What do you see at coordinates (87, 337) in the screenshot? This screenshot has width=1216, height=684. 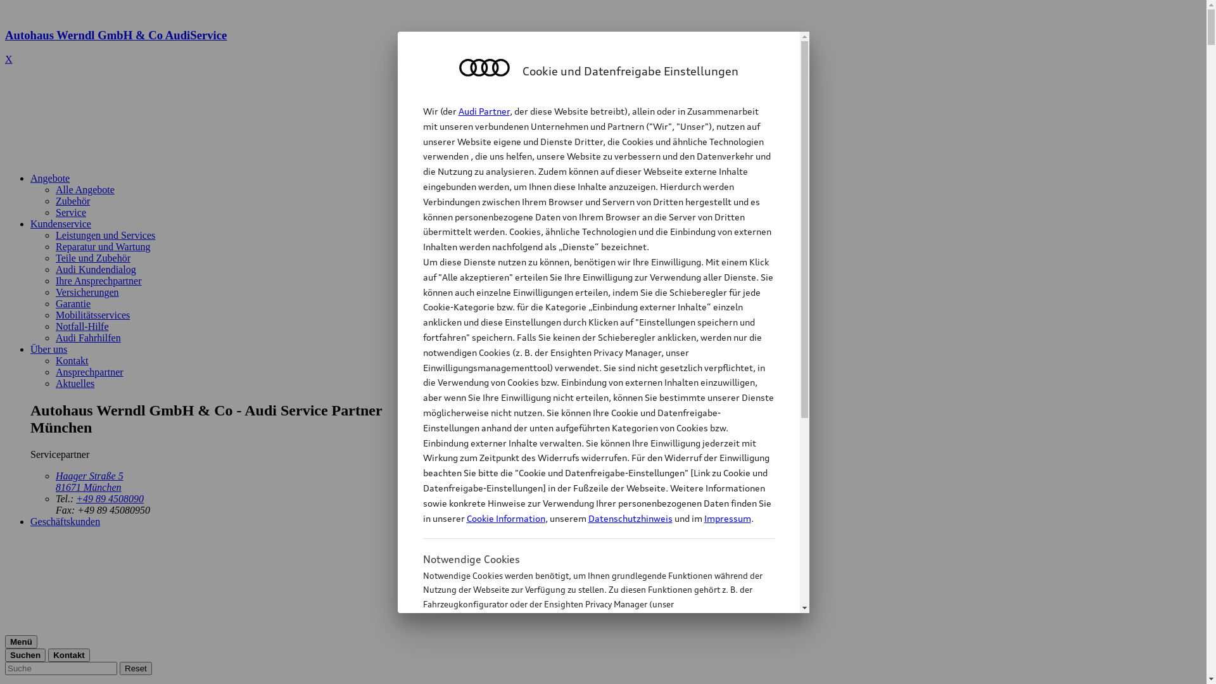 I see `'Audi Fahrhilfen'` at bounding box center [87, 337].